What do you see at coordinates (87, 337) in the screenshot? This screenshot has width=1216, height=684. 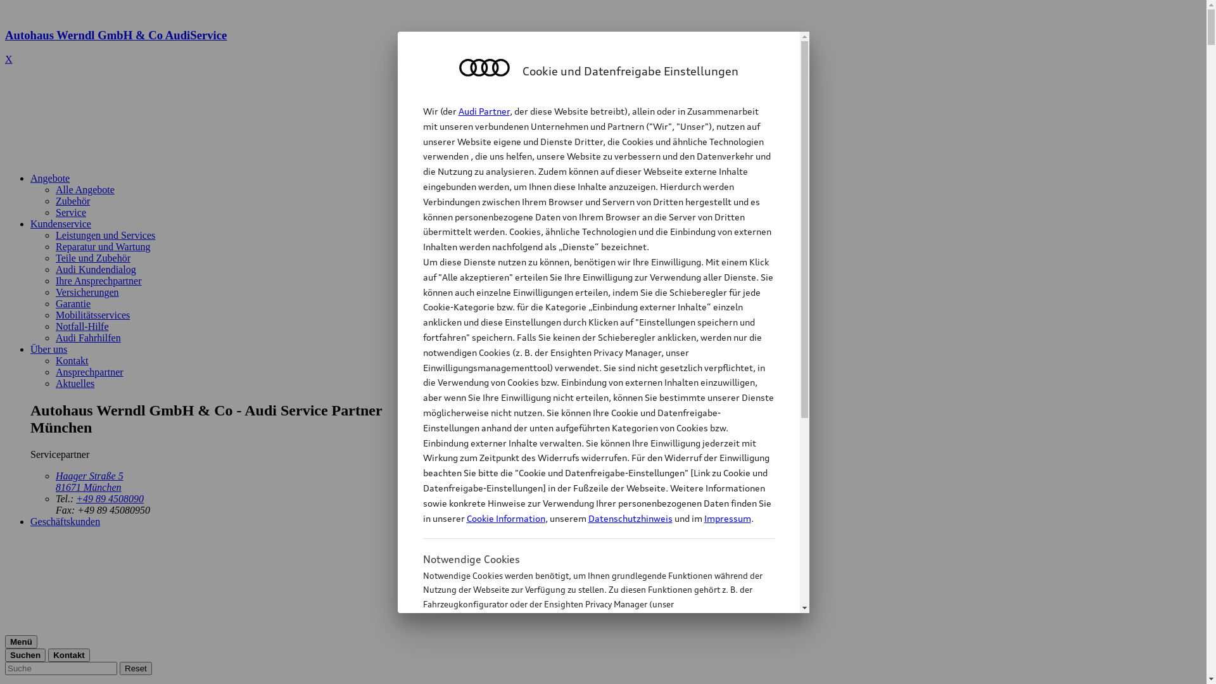 I see `'Audi Fahrhilfen'` at bounding box center [87, 337].